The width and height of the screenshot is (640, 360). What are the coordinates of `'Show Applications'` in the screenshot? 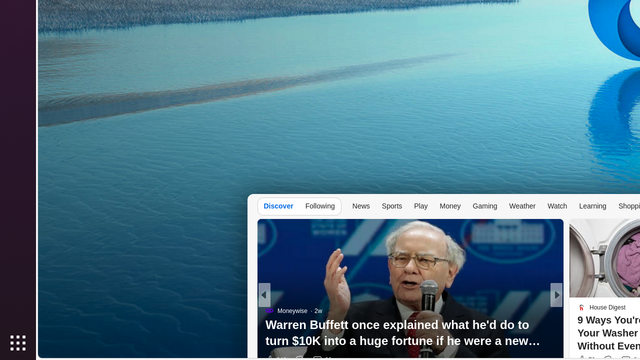 It's located at (17, 342).